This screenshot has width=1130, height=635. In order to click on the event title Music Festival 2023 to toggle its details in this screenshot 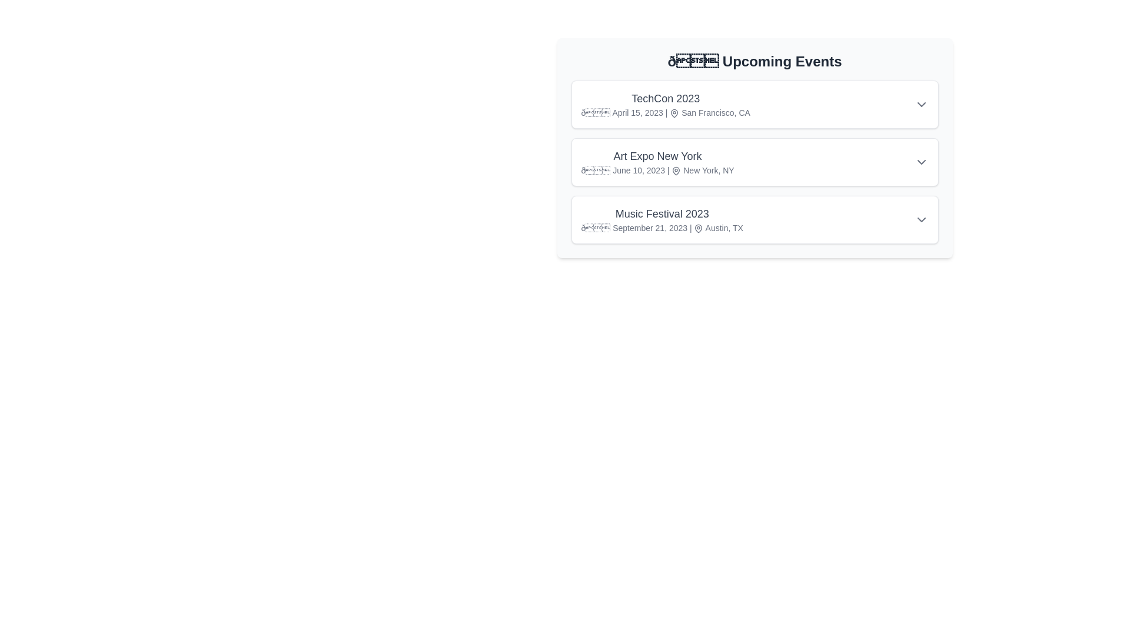, I will do `click(662, 213)`.